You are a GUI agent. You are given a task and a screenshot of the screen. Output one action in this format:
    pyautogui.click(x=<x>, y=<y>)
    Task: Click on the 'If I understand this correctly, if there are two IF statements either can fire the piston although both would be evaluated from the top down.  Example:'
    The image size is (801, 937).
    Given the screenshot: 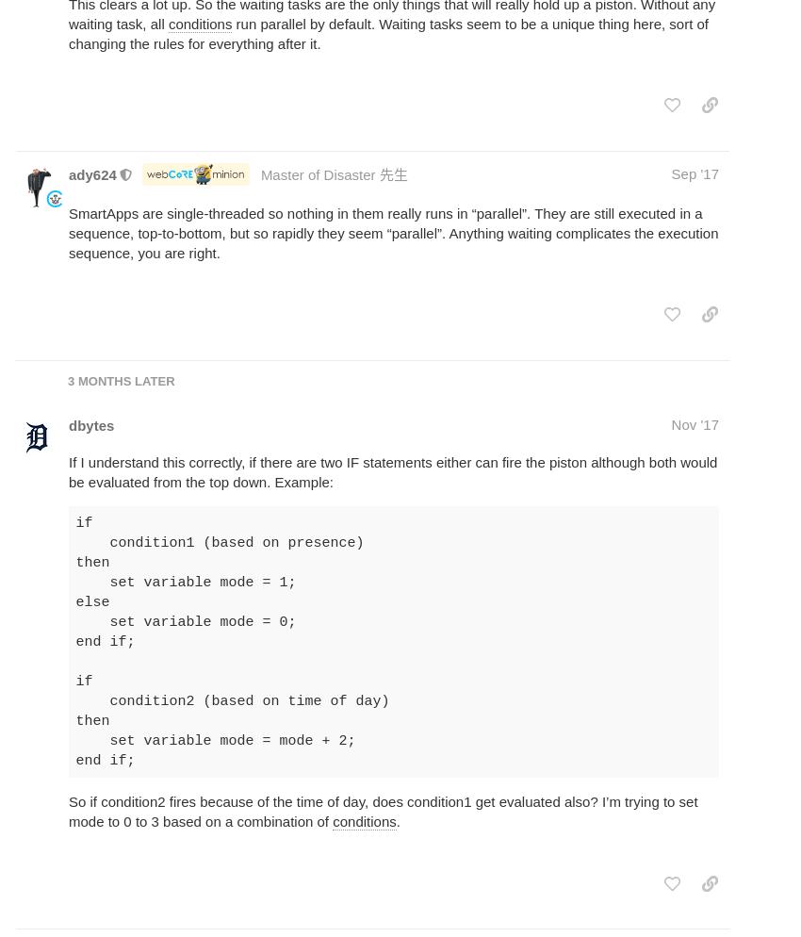 What is the action you would take?
    pyautogui.click(x=393, y=471)
    